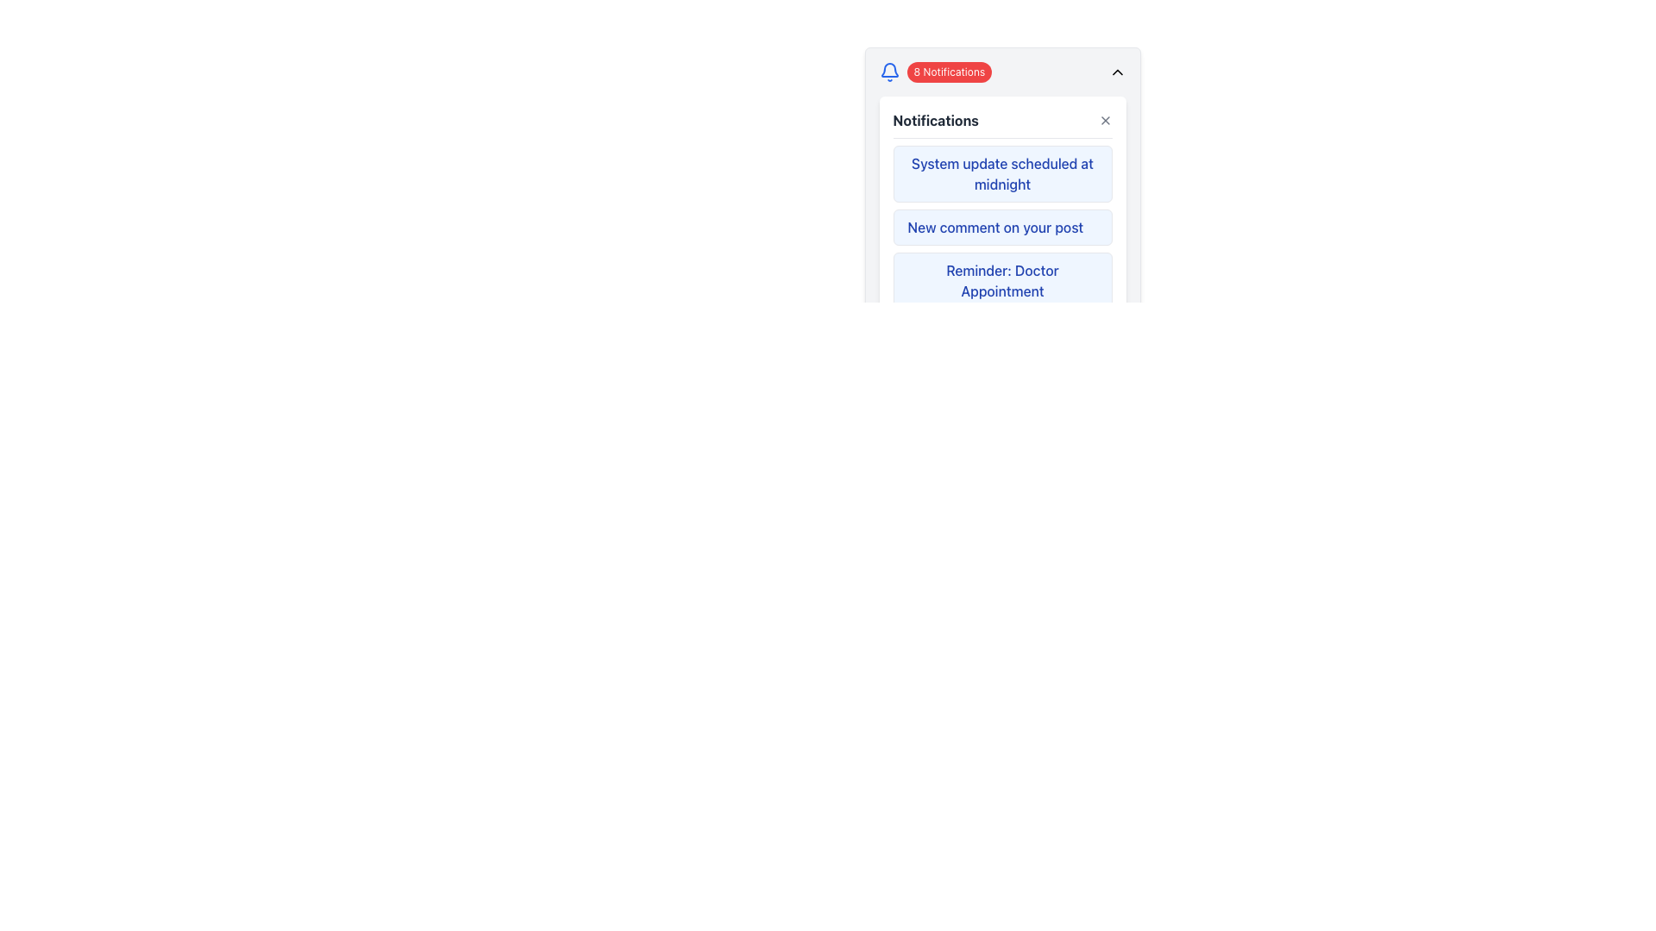 This screenshot has width=1656, height=931. What do you see at coordinates (934, 72) in the screenshot?
I see `the notification badge with the text '8 Notifications'` at bounding box center [934, 72].